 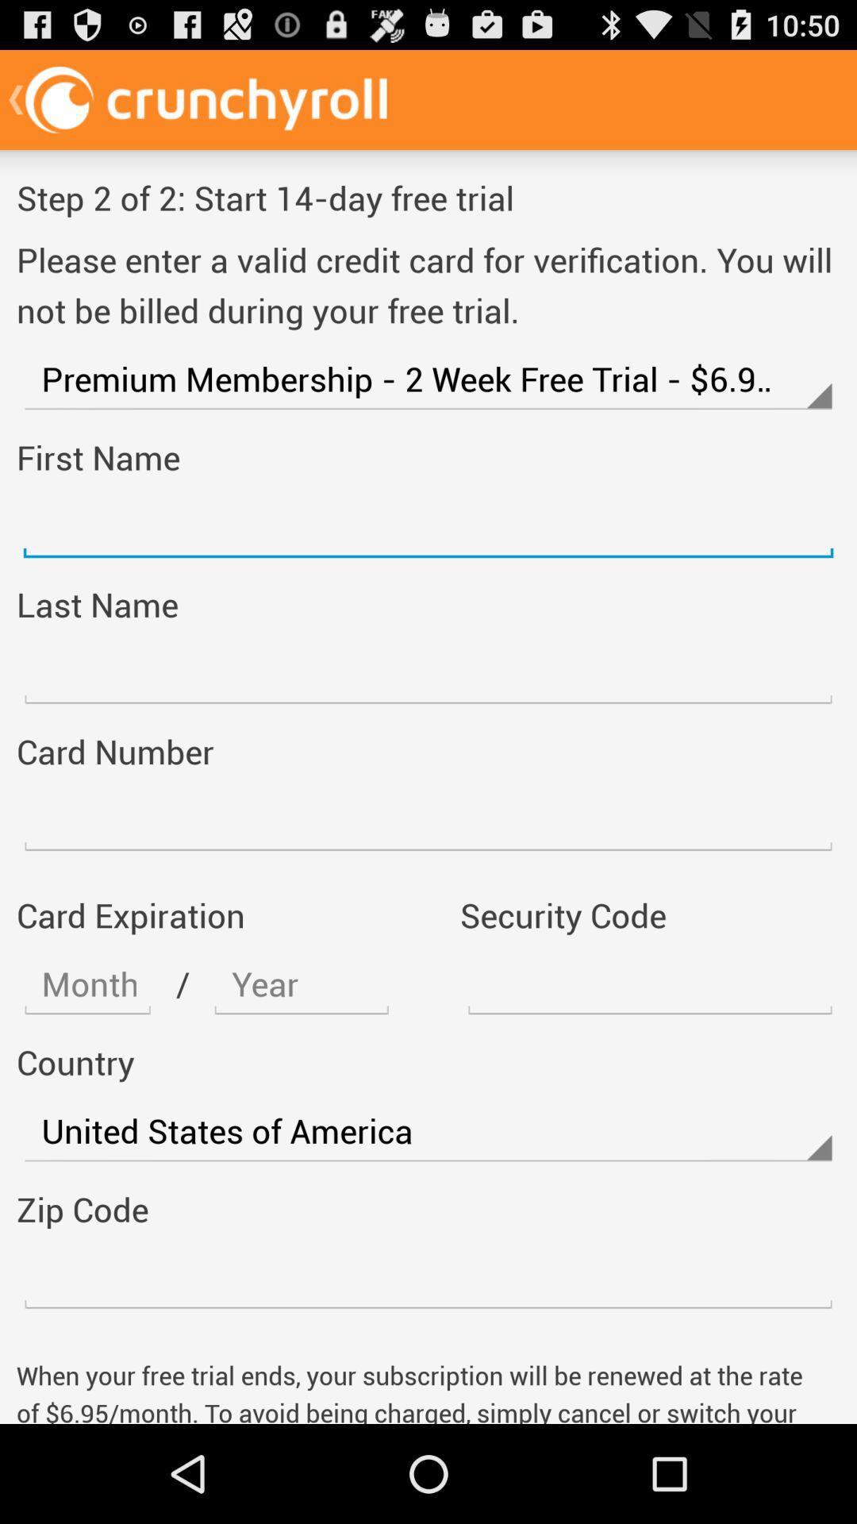 I want to click on text box, so click(x=428, y=1278).